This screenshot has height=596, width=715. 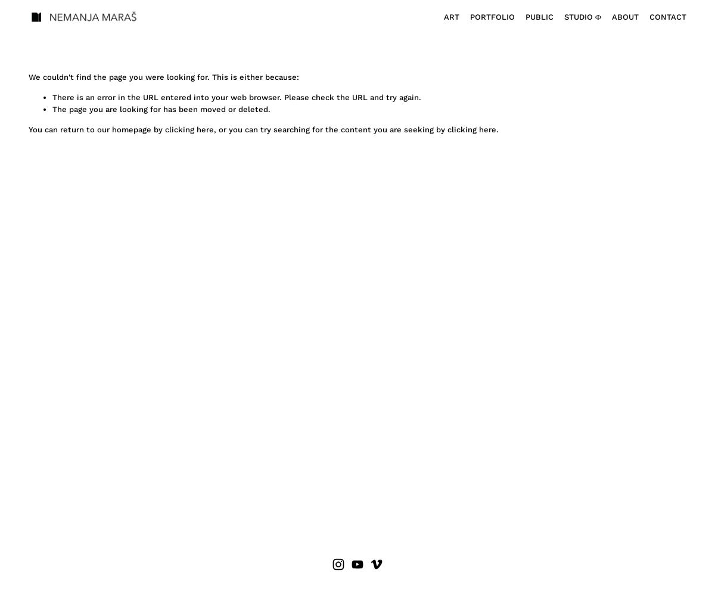 I want to click on 'There is an error in the URL entered into your web browser. Please check the URL and try again.', so click(x=237, y=97).